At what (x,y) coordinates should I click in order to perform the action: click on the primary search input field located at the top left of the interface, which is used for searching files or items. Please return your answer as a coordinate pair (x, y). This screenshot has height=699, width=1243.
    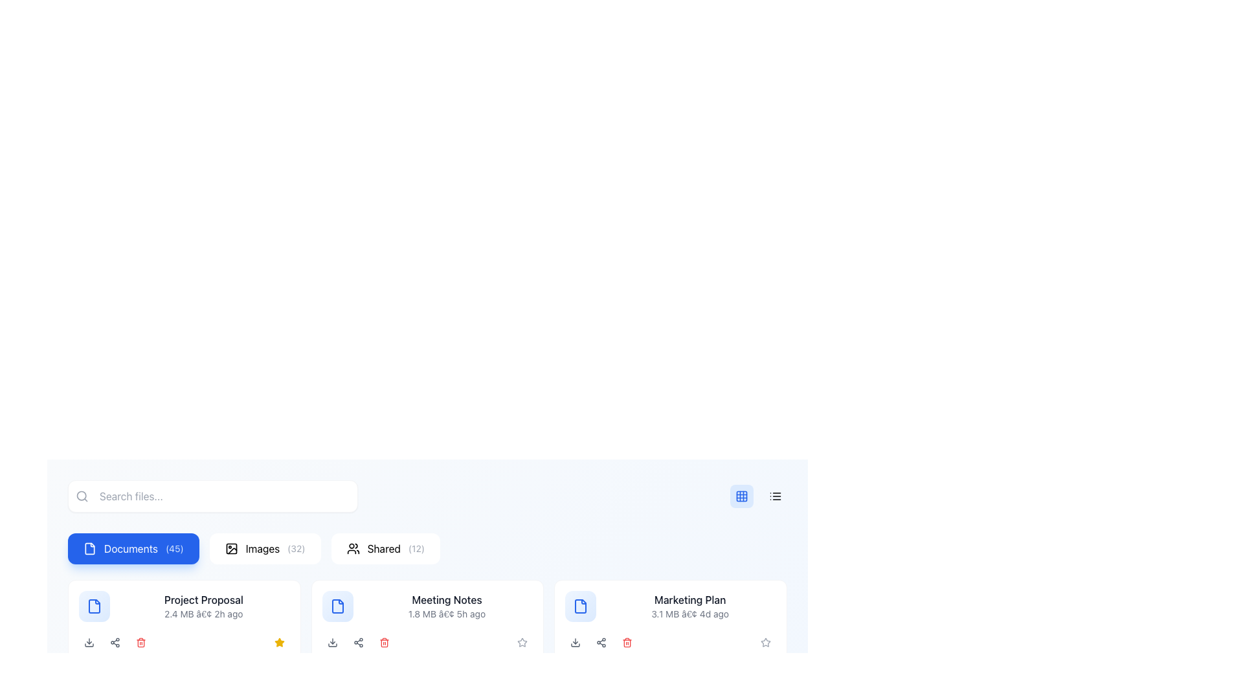
    Looking at the image, I should click on (213, 496).